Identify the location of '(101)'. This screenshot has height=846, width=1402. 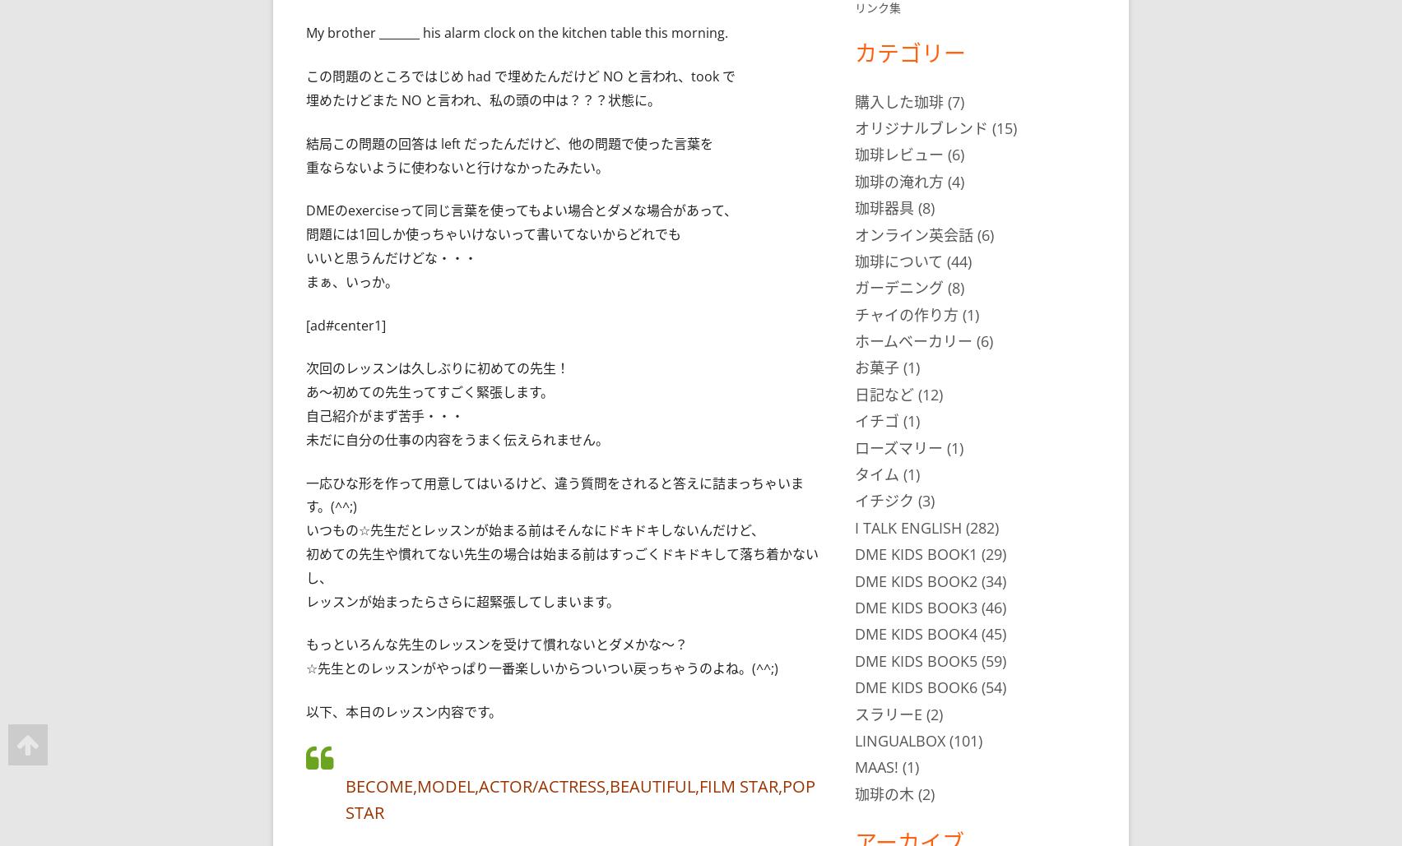
(963, 739).